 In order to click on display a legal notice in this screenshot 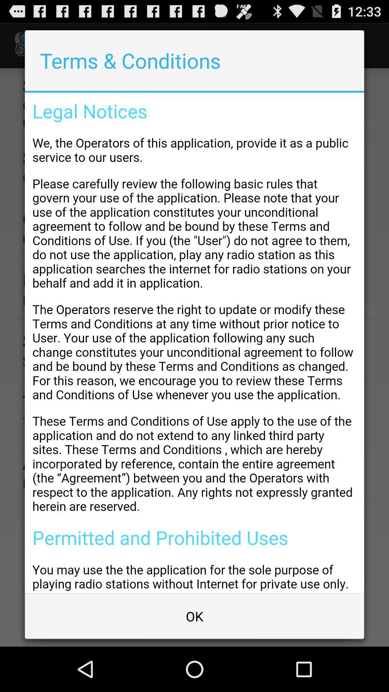, I will do `click(194, 342)`.